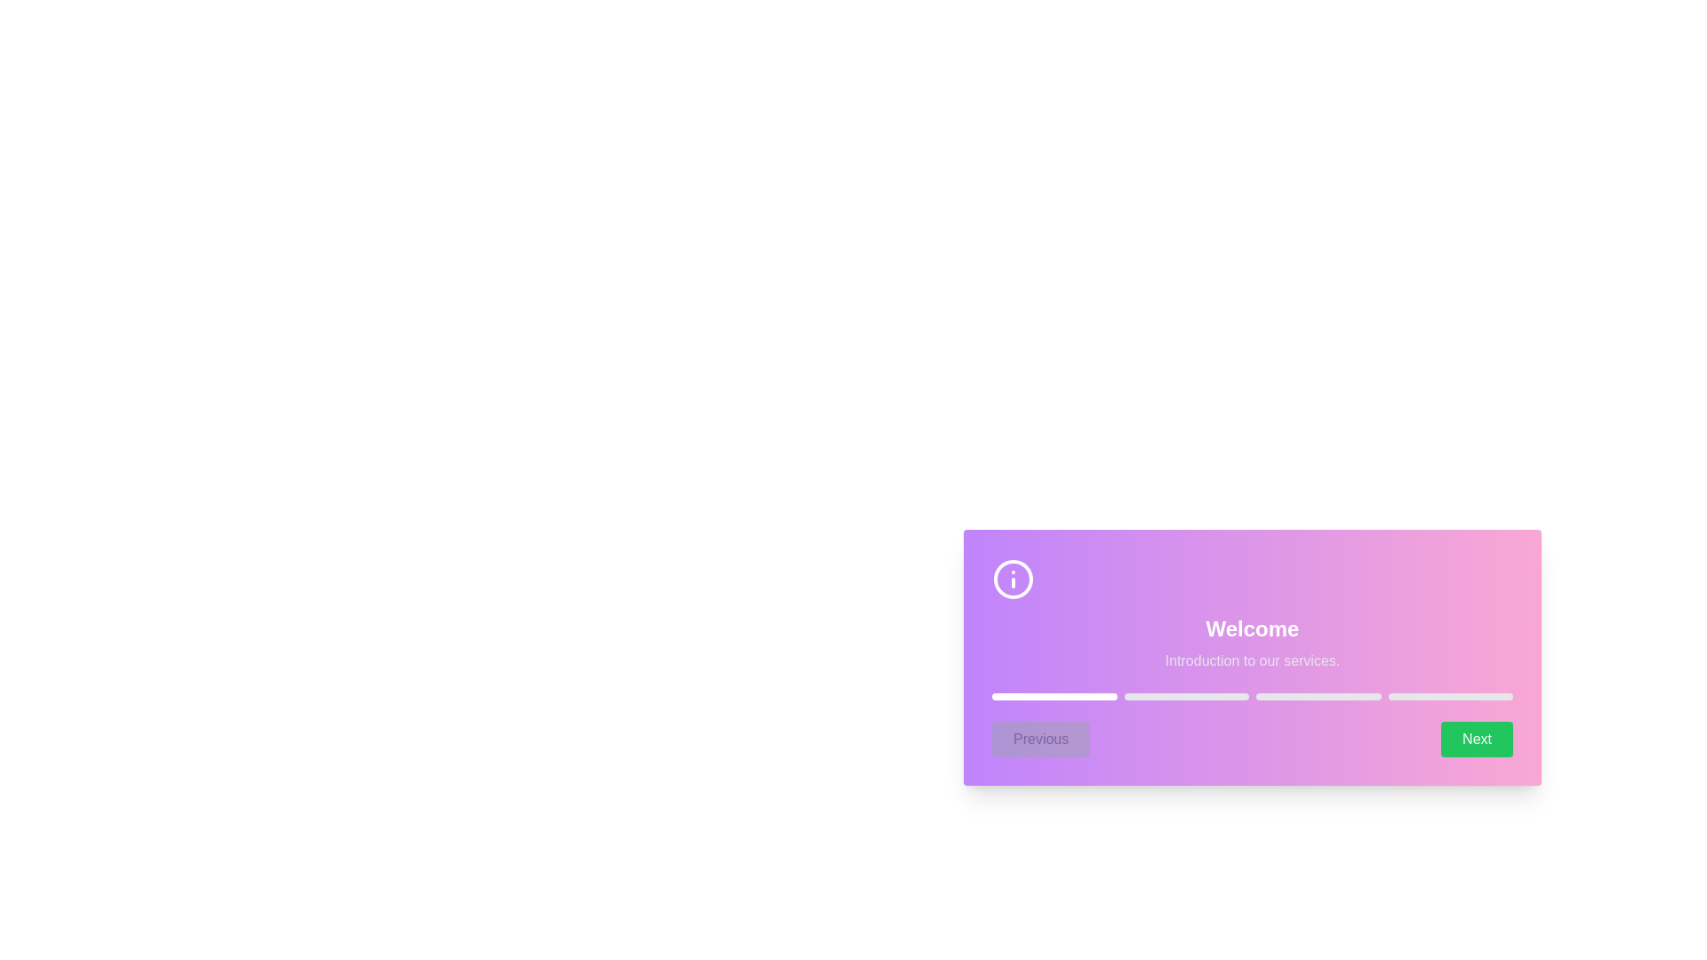 The width and height of the screenshot is (1707, 960). Describe the element at coordinates (1477, 740) in the screenshot. I see `the Next button to navigate between steps` at that location.